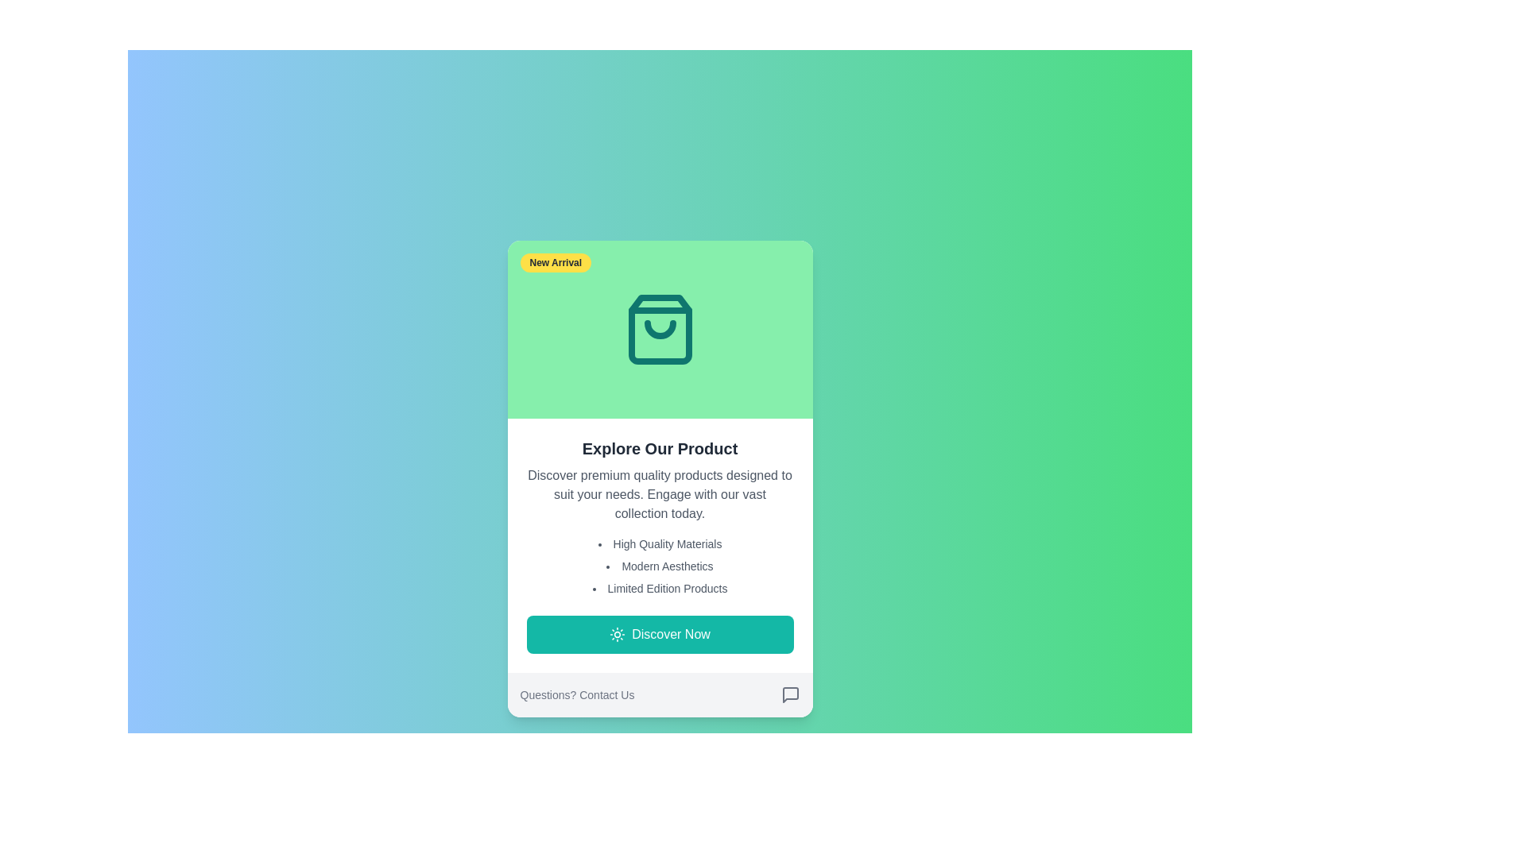  What do you see at coordinates (660, 588) in the screenshot?
I see `text content of the 'Limited Edition Products' label, which is the third bullet point in the 'Explore Our Product' section, styled in muted gray` at bounding box center [660, 588].